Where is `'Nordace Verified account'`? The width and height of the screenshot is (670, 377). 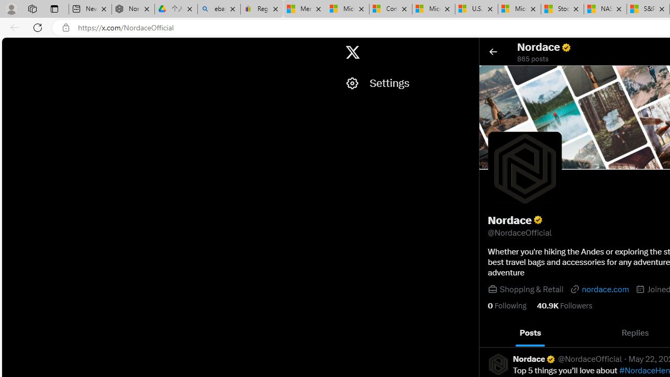
'Nordace Verified account' is located at coordinates (534, 358).